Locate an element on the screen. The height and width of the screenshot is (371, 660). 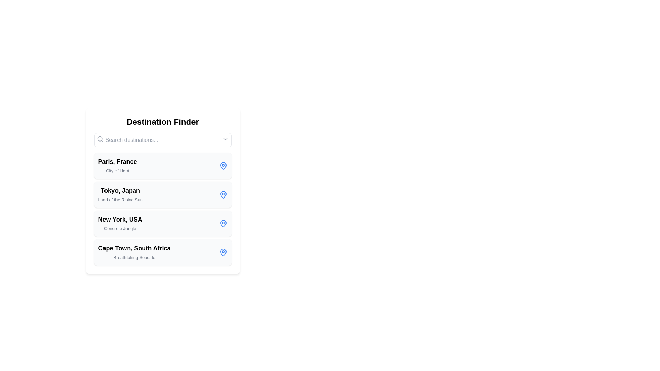
the Text Label that serves as a title for the fourth item in the list within the 'Destination Finder' panel, positioned above the subtitle 'Breathtaking Seaside' is located at coordinates (134, 248).